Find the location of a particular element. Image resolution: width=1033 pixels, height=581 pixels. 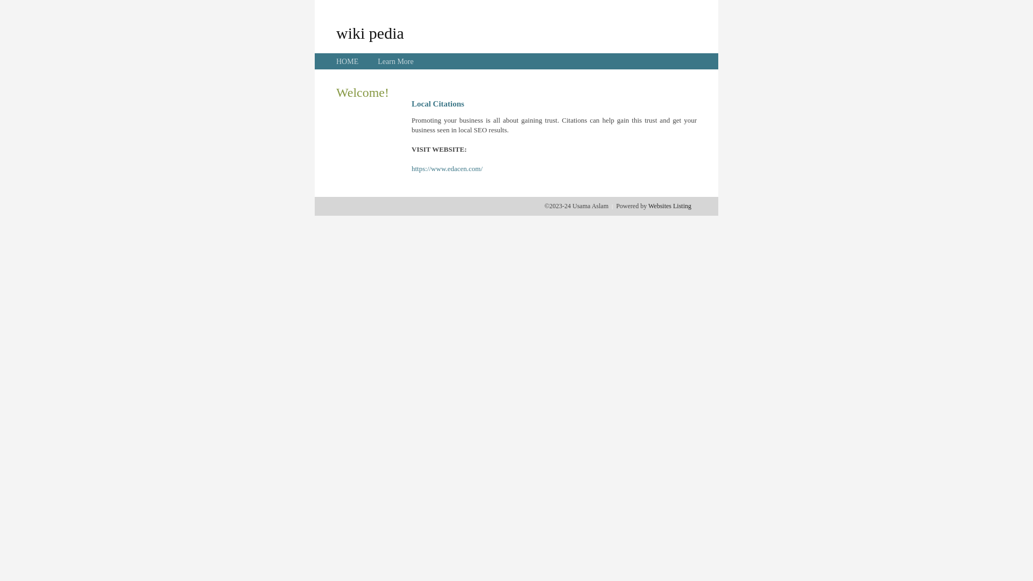

'Learn More' is located at coordinates (377, 61).